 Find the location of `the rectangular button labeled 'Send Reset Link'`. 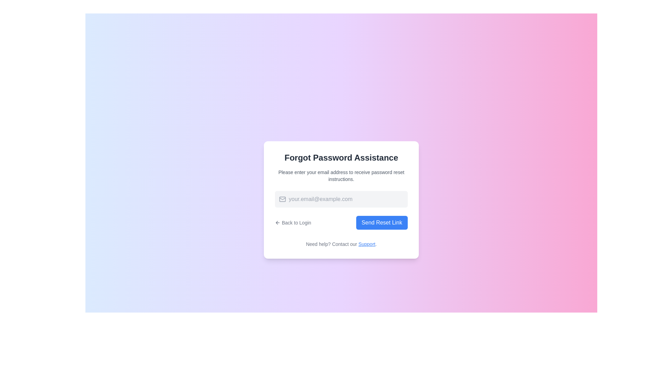

the rectangular button labeled 'Send Reset Link' is located at coordinates (381, 222).